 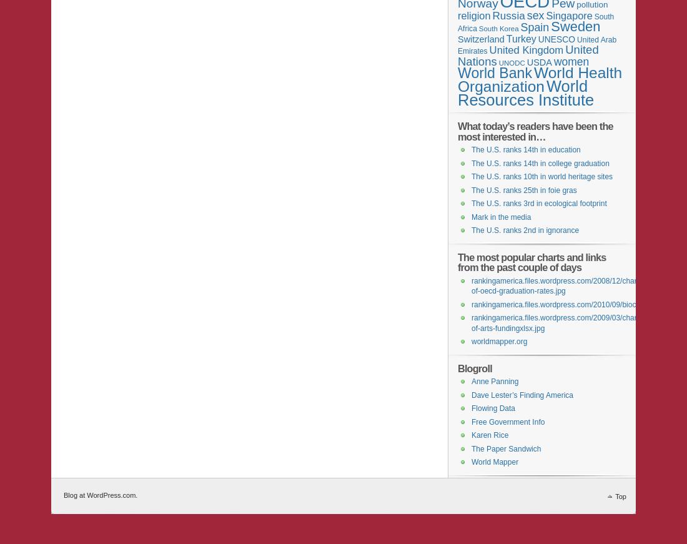 I want to click on 'worldmapper.org', so click(x=499, y=341).